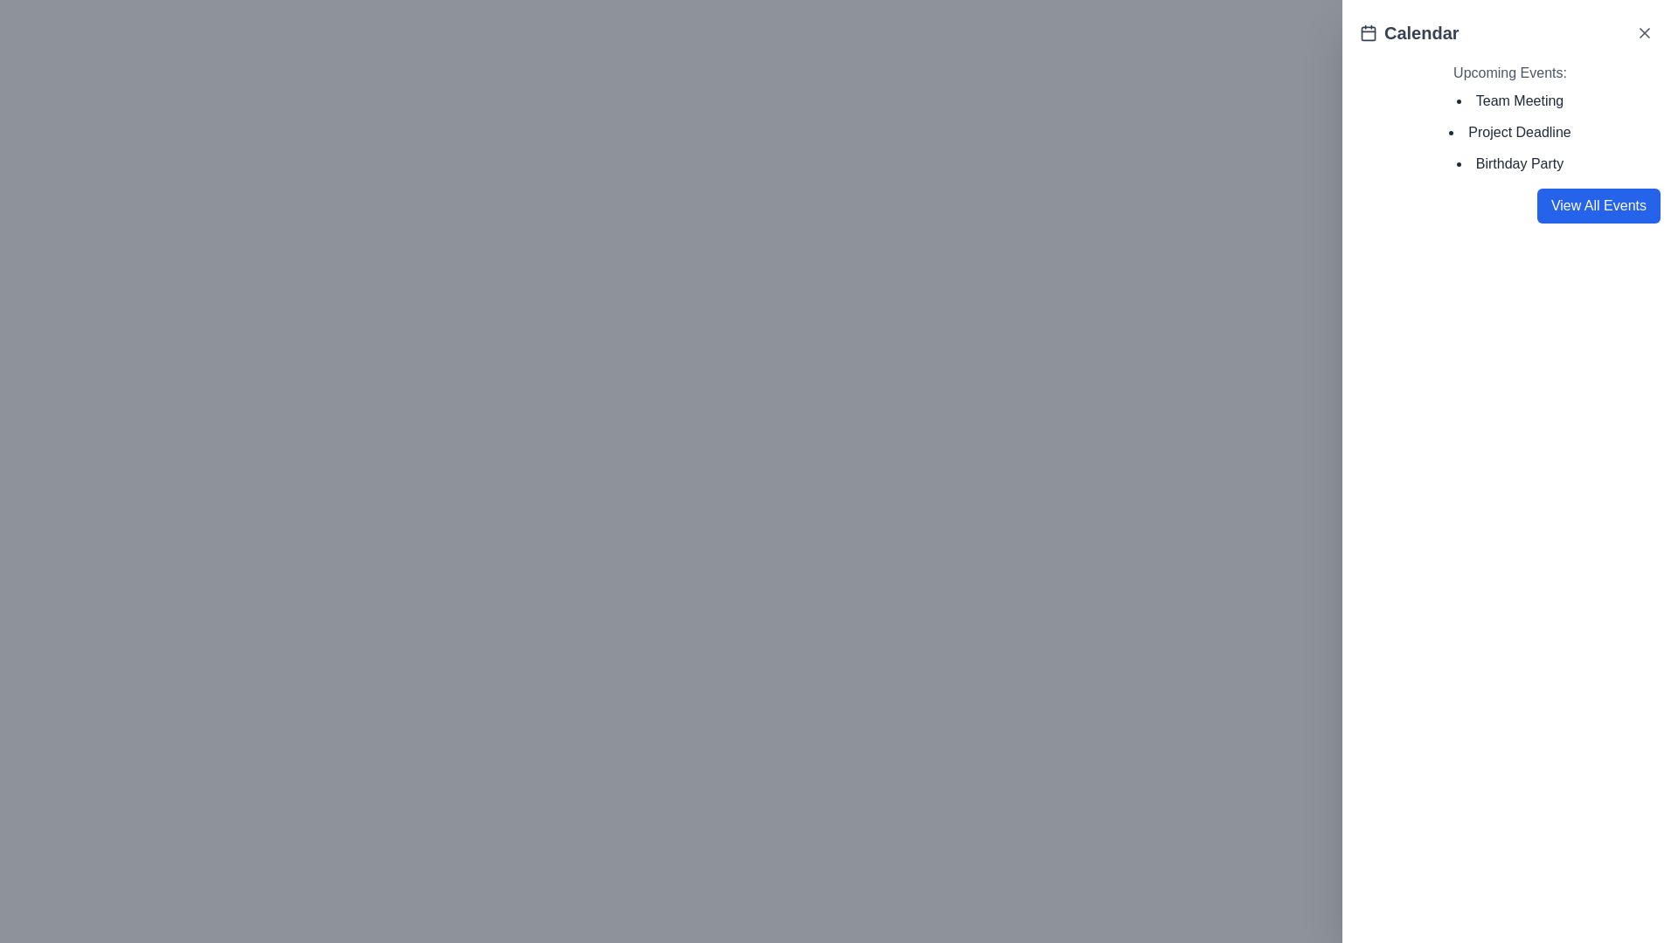  I want to click on the representation of the Calendar icon located in the top-right corner of the white panel, adjacent to the word 'Calendar', so click(1367, 33).